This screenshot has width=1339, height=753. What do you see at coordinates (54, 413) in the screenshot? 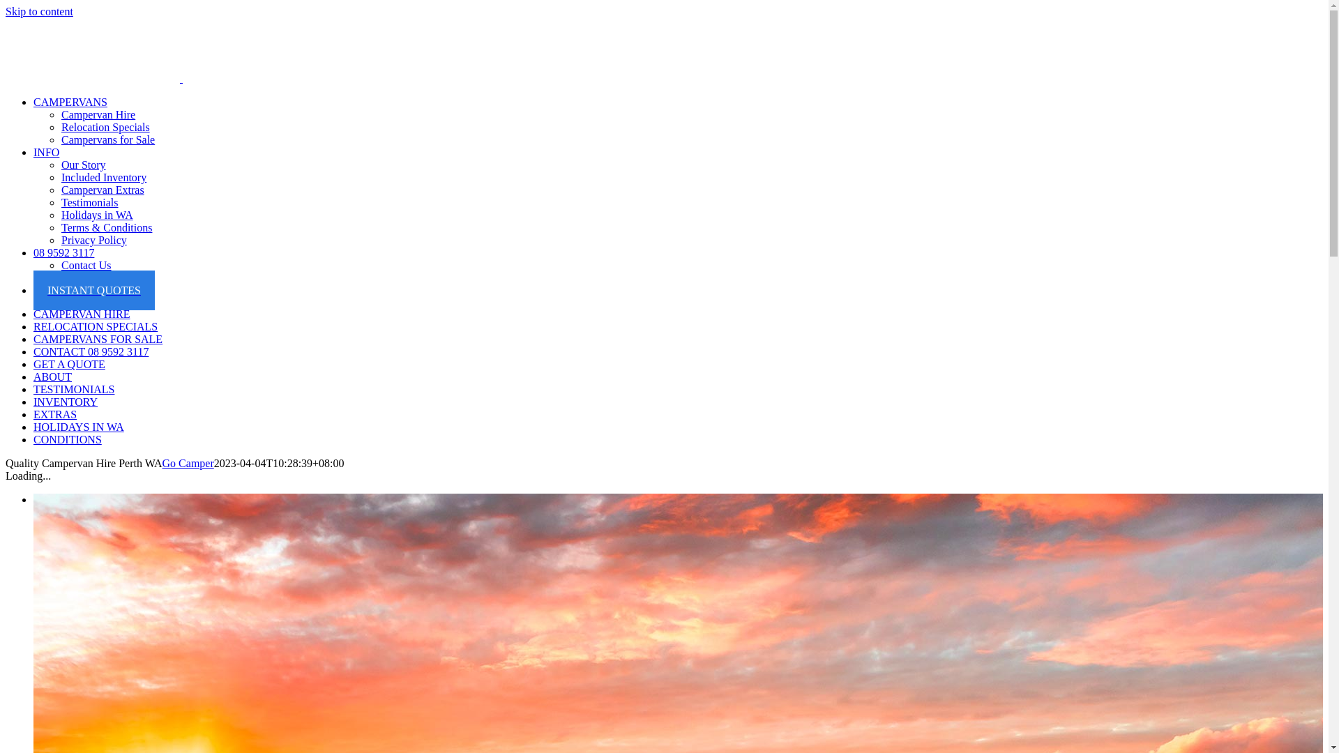
I see `'EXTRAS'` at bounding box center [54, 413].